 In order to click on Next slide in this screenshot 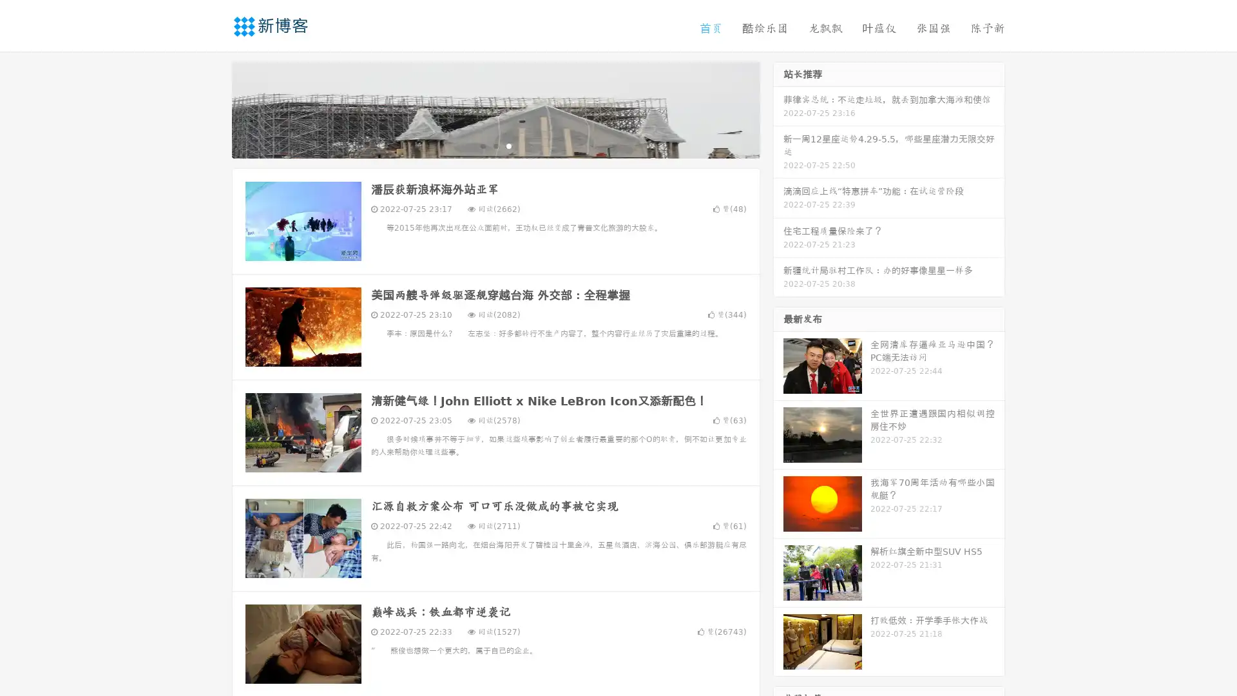, I will do `click(778, 108)`.